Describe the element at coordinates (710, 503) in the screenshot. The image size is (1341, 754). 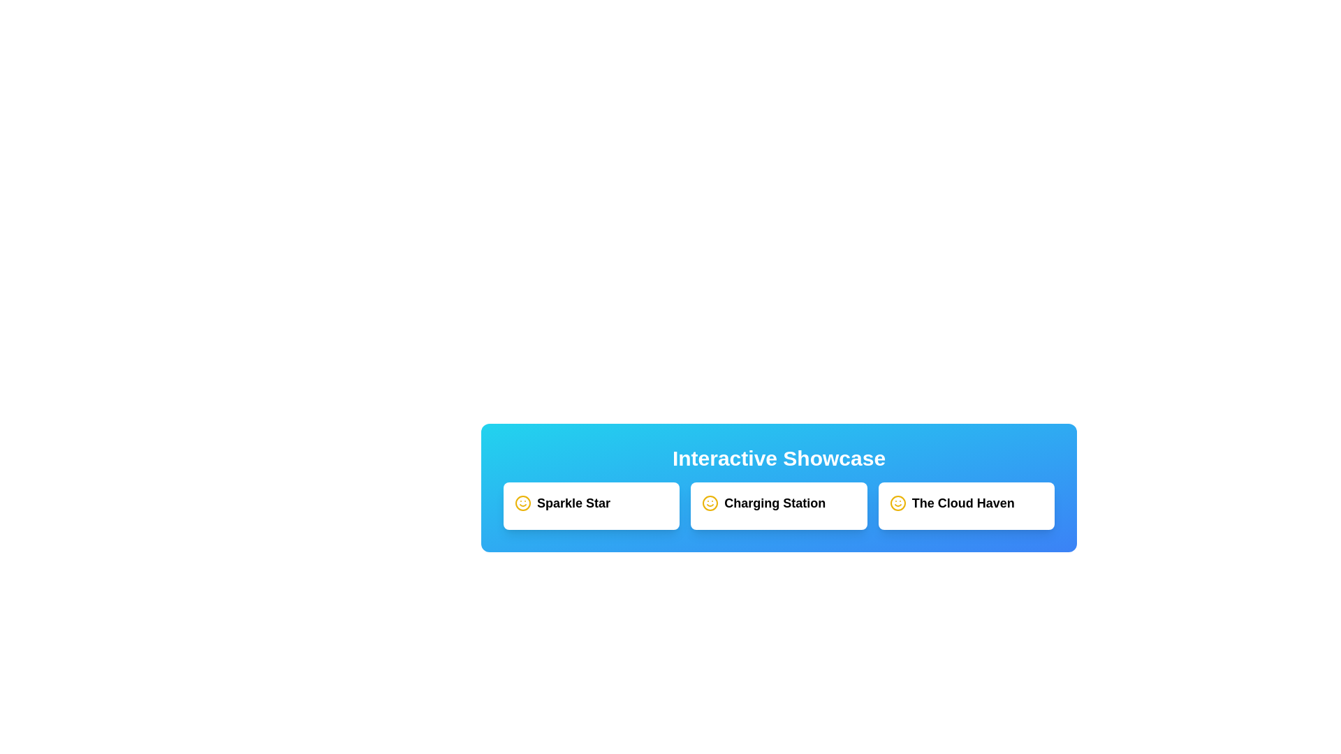
I see `the Decorative Circle, which is the outer boundary of the smiley face icon within the 'Charging Station' card of the 'Interactive Showcase.'` at that location.